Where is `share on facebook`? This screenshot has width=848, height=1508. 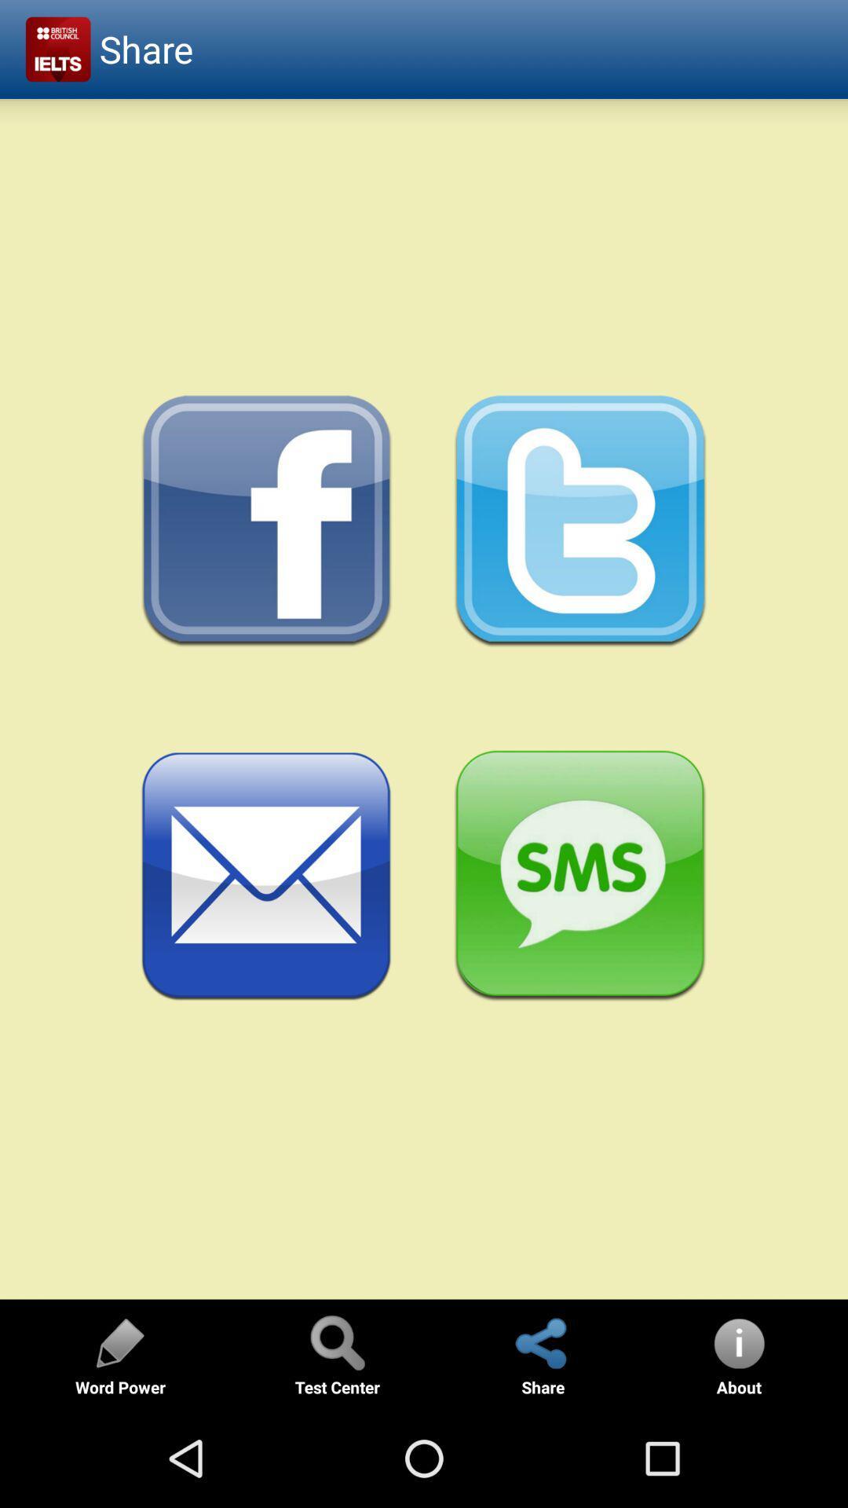
share on facebook is located at coordinates (266, 522).